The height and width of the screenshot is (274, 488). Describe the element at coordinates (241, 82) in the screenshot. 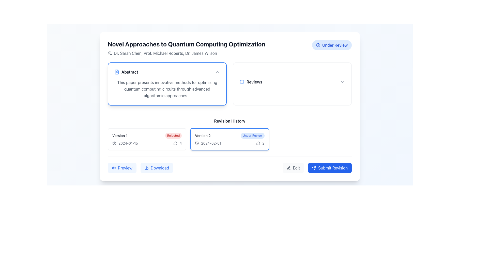

I see `the messaging or review indicator icon located to the left of the 'Reviews' text in the top-right corner of the content area` at that location.